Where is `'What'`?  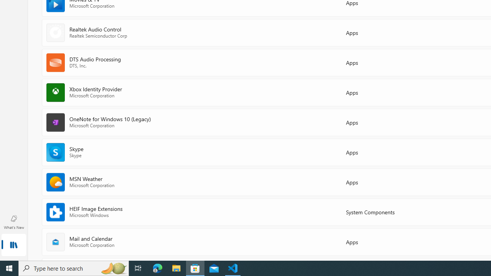
'What' is located at coordinates (13, 222).